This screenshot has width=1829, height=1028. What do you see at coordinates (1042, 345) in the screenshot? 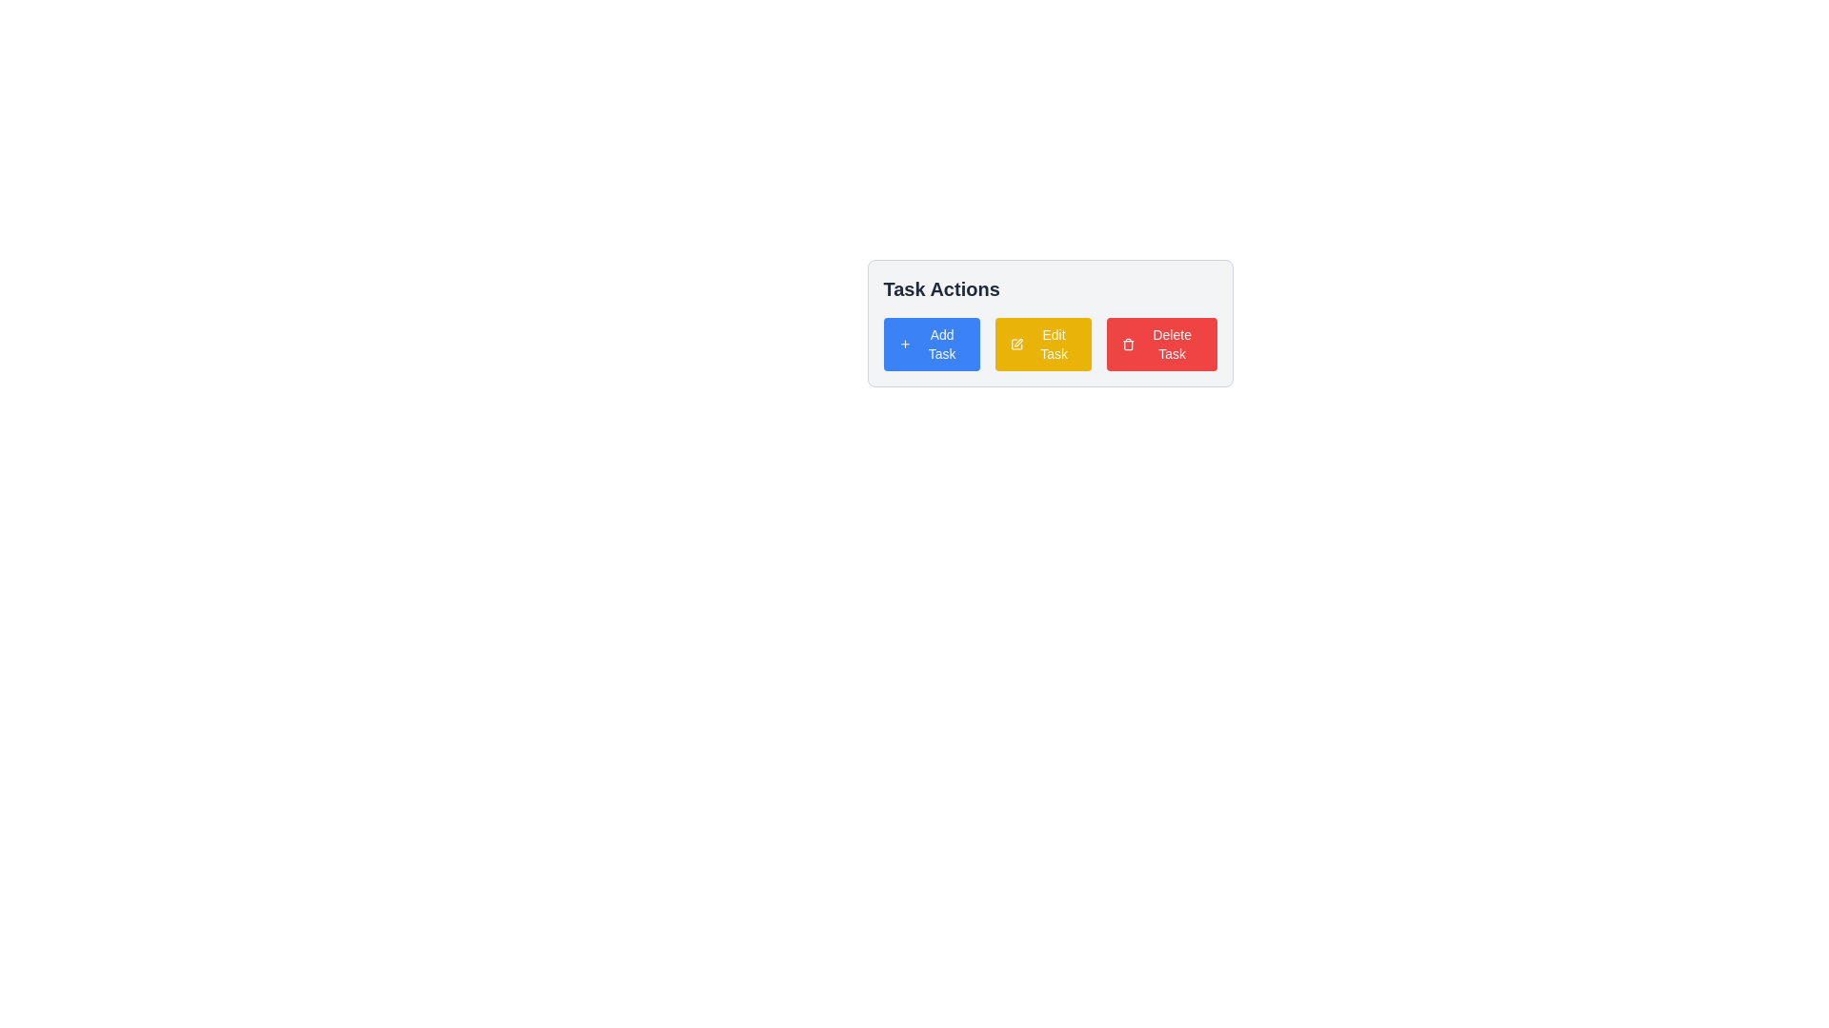
I see `the edit task button, which is the second button in a row of three, located between the blue 'Add Task' button and the red 'Delete Task' button, to trigger visual feedback` at bounding box center [1042, 345].